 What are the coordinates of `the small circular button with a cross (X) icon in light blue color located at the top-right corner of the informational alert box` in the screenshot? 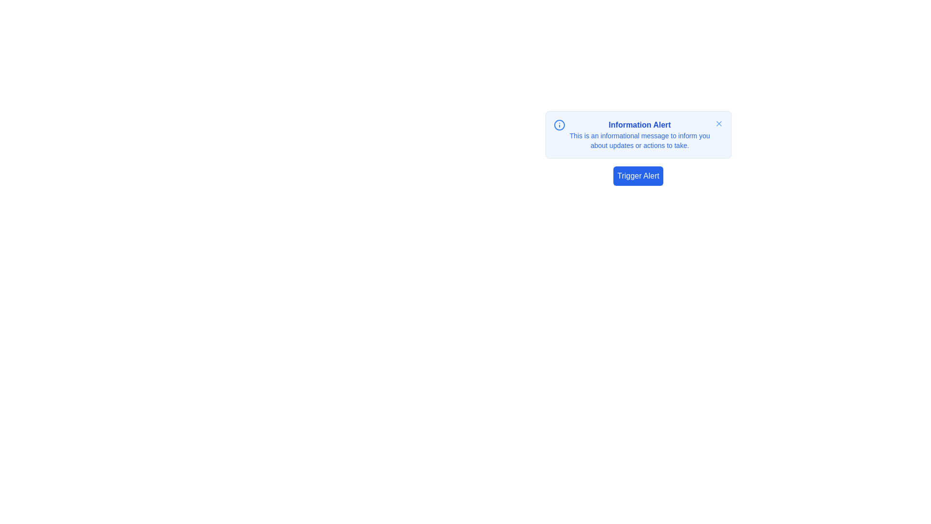 It's located at (719, 123).